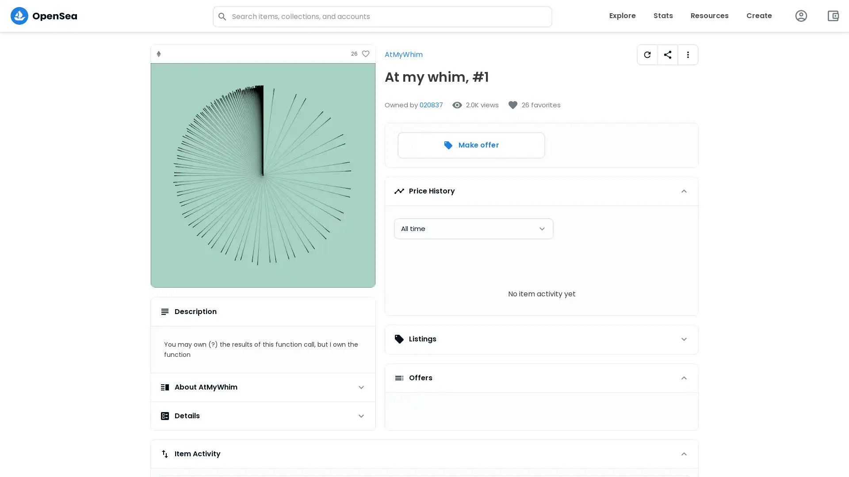 The width and height of the screenshot is (849, 477). What do you see at coordinates (159, 53) in the screenshot?
I see `Ethereum logo` at bounding box center [159, 53].